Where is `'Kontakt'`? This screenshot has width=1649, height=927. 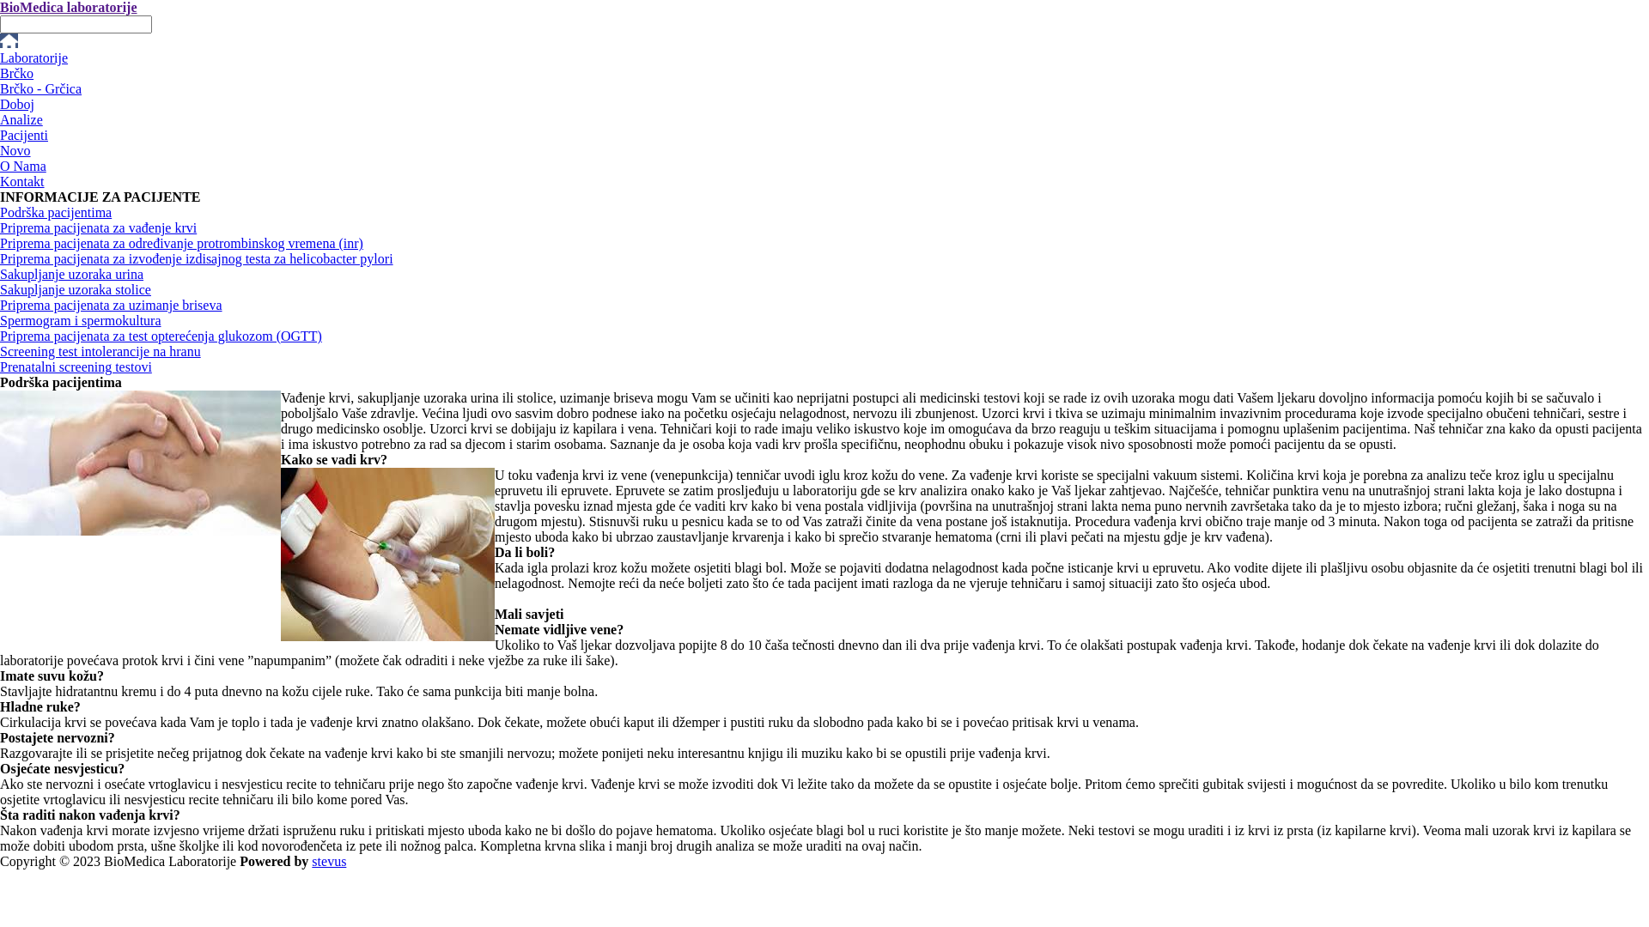
'Kontakt' is located at coordinates (21, 181).